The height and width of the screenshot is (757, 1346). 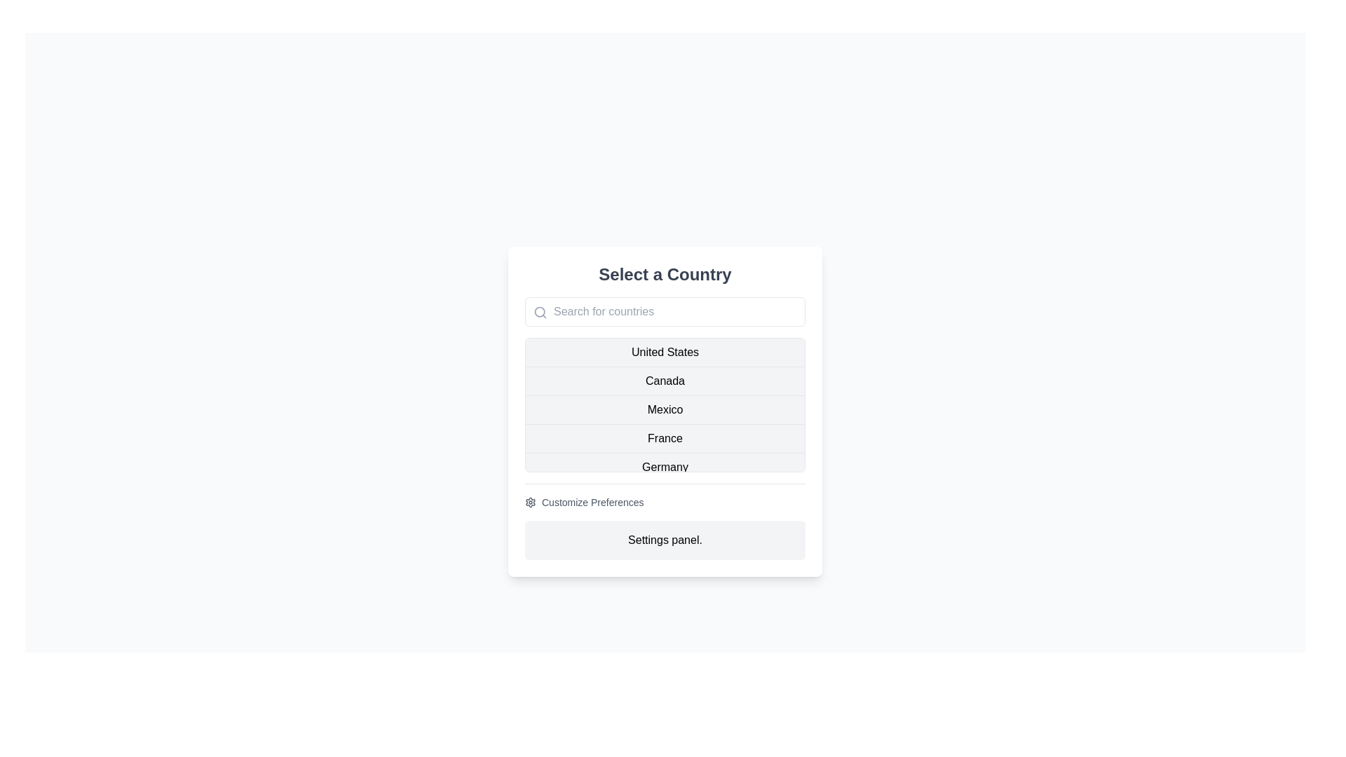 What do you see at coordinates (584, 501) in the screenshot?
I see `the interactive link with an icon and label located below the list of country names and above the settings panel, which serves` at bounding box center [584, 501].